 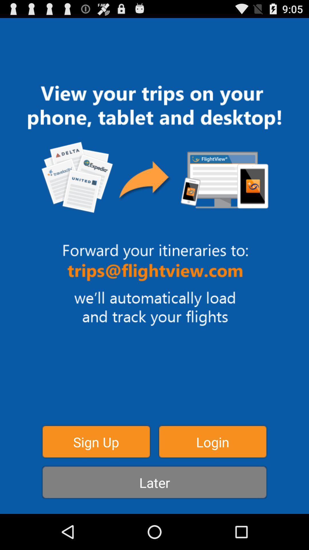 I want to click on item at the bottom right corner, so click(x=213, y=441).